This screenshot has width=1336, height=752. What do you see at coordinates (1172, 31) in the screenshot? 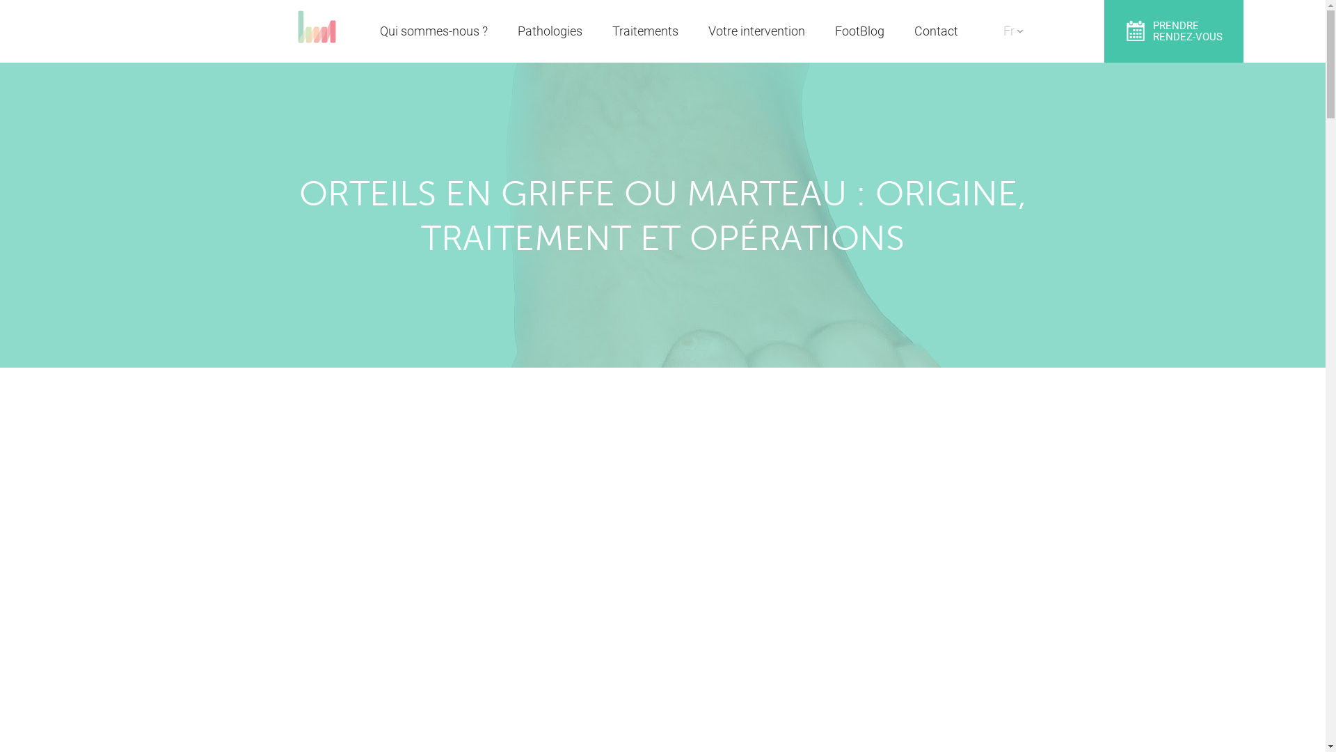
I see `'PRENDRE` at bounding box center [1172, 31].